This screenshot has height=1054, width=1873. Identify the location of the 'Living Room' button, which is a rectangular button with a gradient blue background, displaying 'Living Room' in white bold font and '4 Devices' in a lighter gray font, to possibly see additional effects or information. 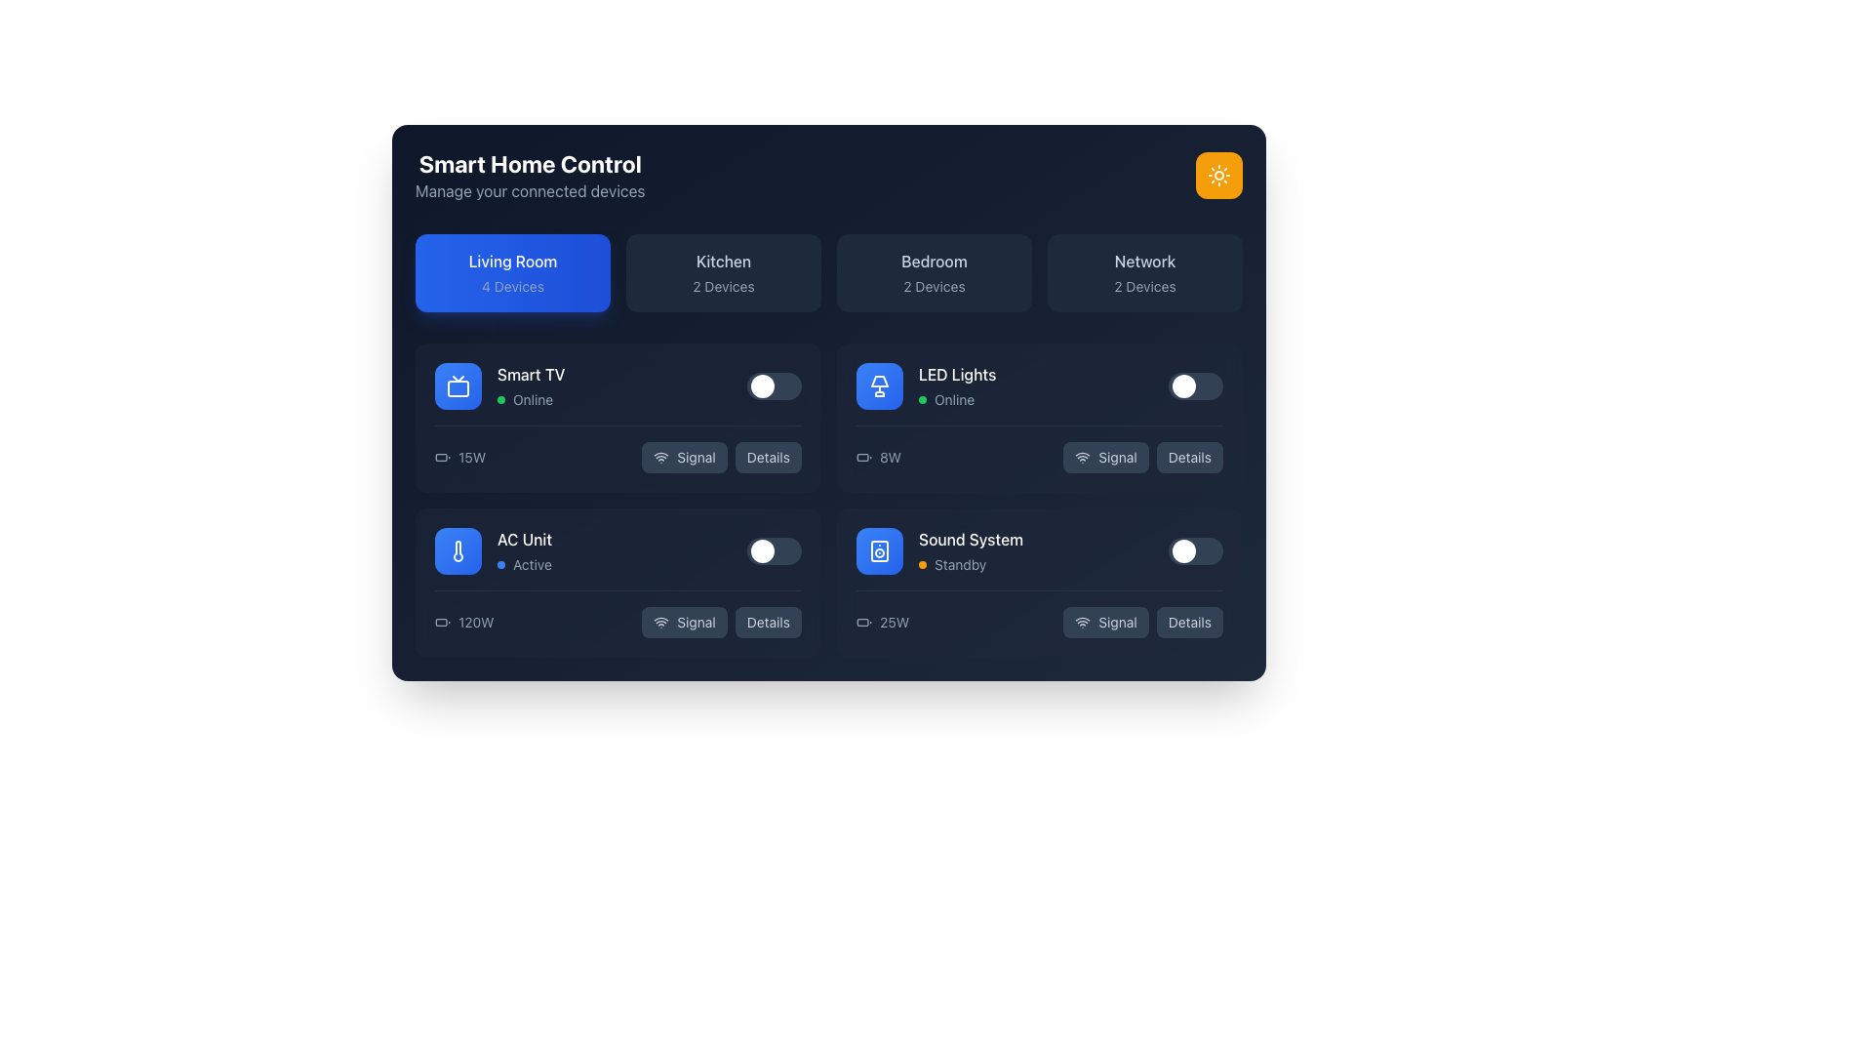
(513, 273).